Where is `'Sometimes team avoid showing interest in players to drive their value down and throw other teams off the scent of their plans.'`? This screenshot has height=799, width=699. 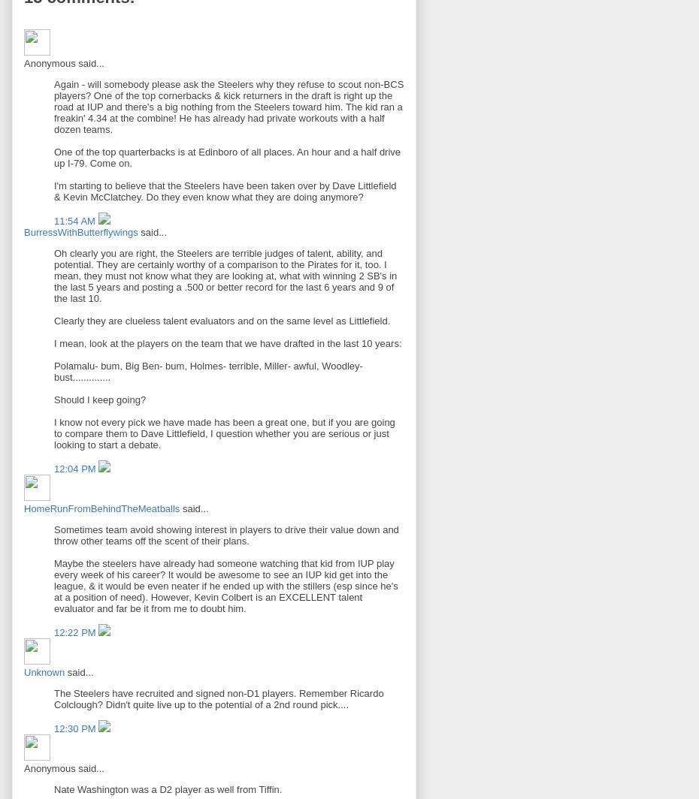 'Sometimes team avoid showing interest in players to drive their value down and throw other teams off the scent of their plans.' is located at coordinates (226, 535).